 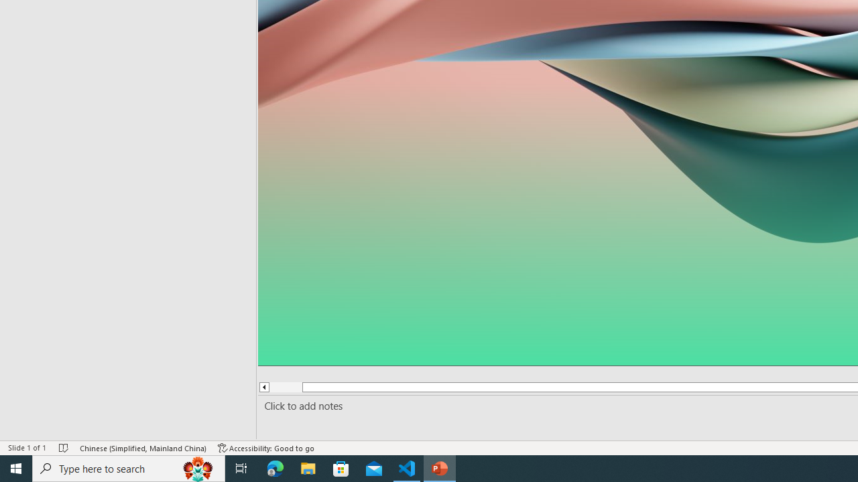 I want to click on 'Line up', so click(x=263, y=387).